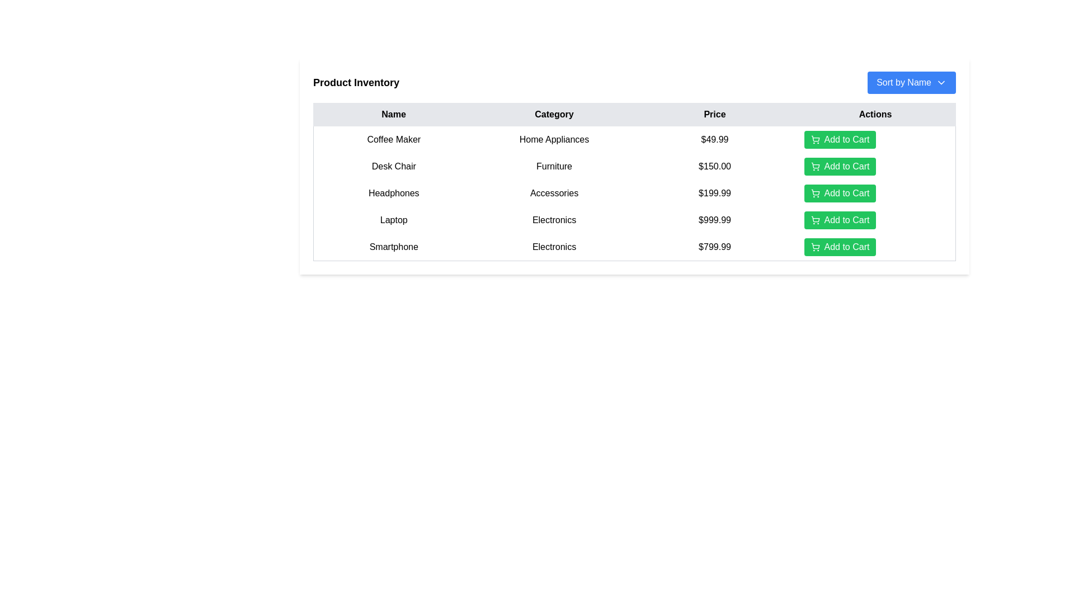 This screenshot has height=604, width=1074. What do you see at coordinates (815, 166) in the screenshot?
I see `the shopping cart icon which is part of the green 'Add to Cart' button located in the 'Actions' column of the table row for the 'Desk Chair' product` at bounding box center [815, 166].